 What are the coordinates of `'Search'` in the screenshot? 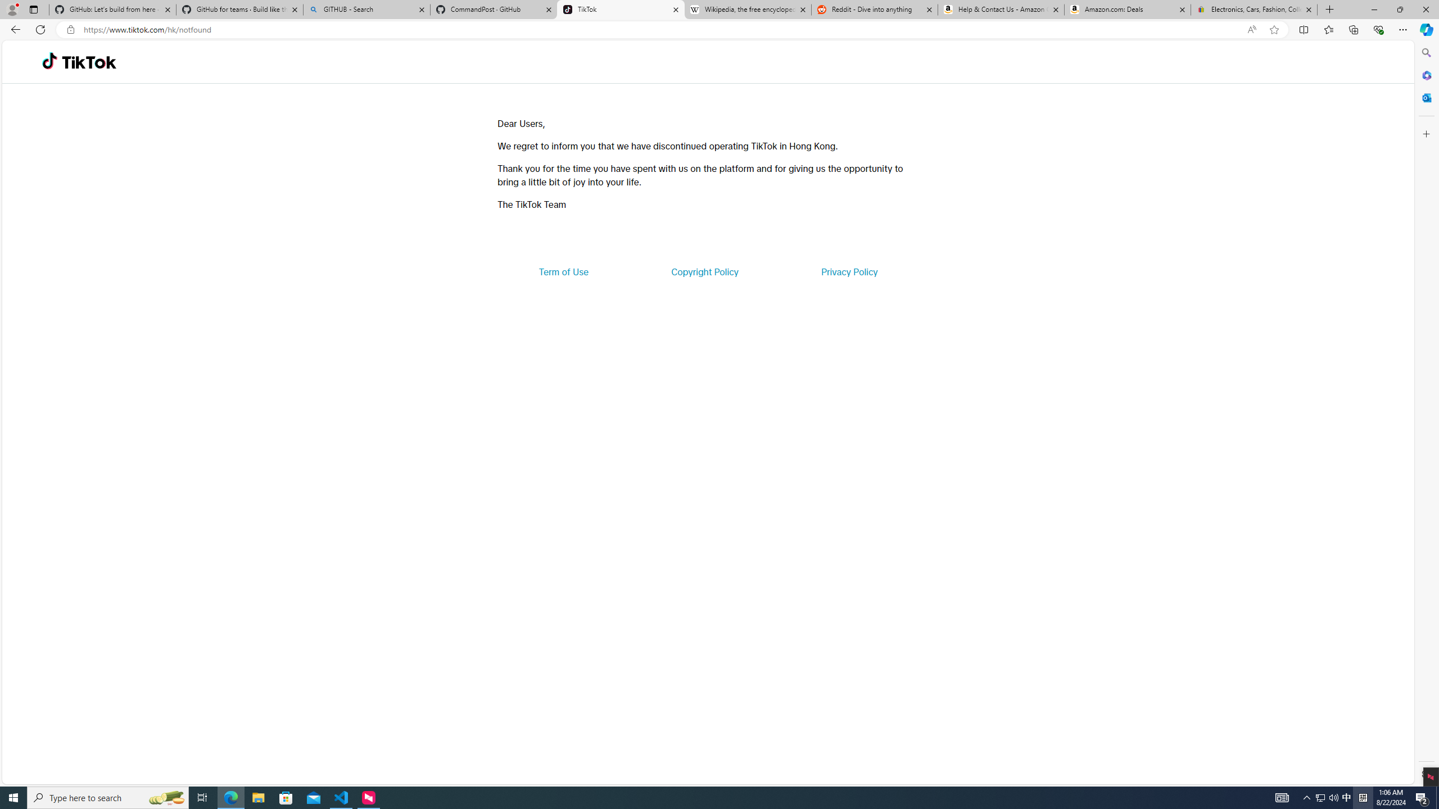 It's located at (1425, 52).